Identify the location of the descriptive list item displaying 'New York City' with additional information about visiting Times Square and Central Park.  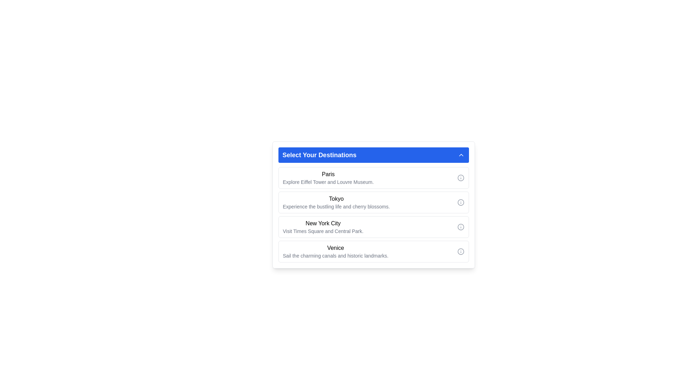
(323, 227).